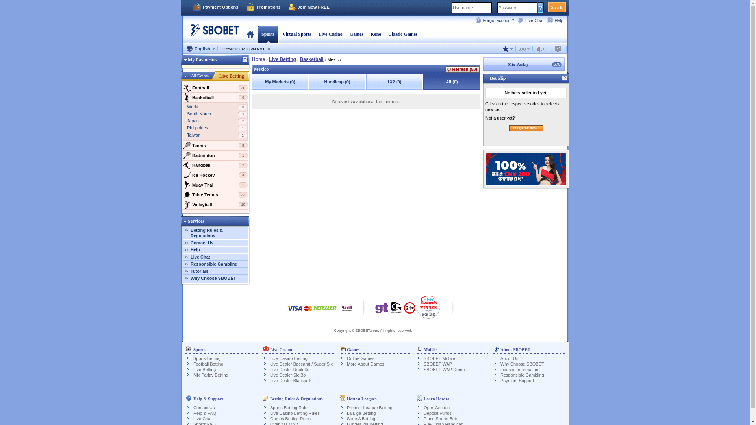  What do you see at coordinates (304, 312) in the screenshot?
I see `'Payment by MasterCard'` at bounding box center [304, 312].